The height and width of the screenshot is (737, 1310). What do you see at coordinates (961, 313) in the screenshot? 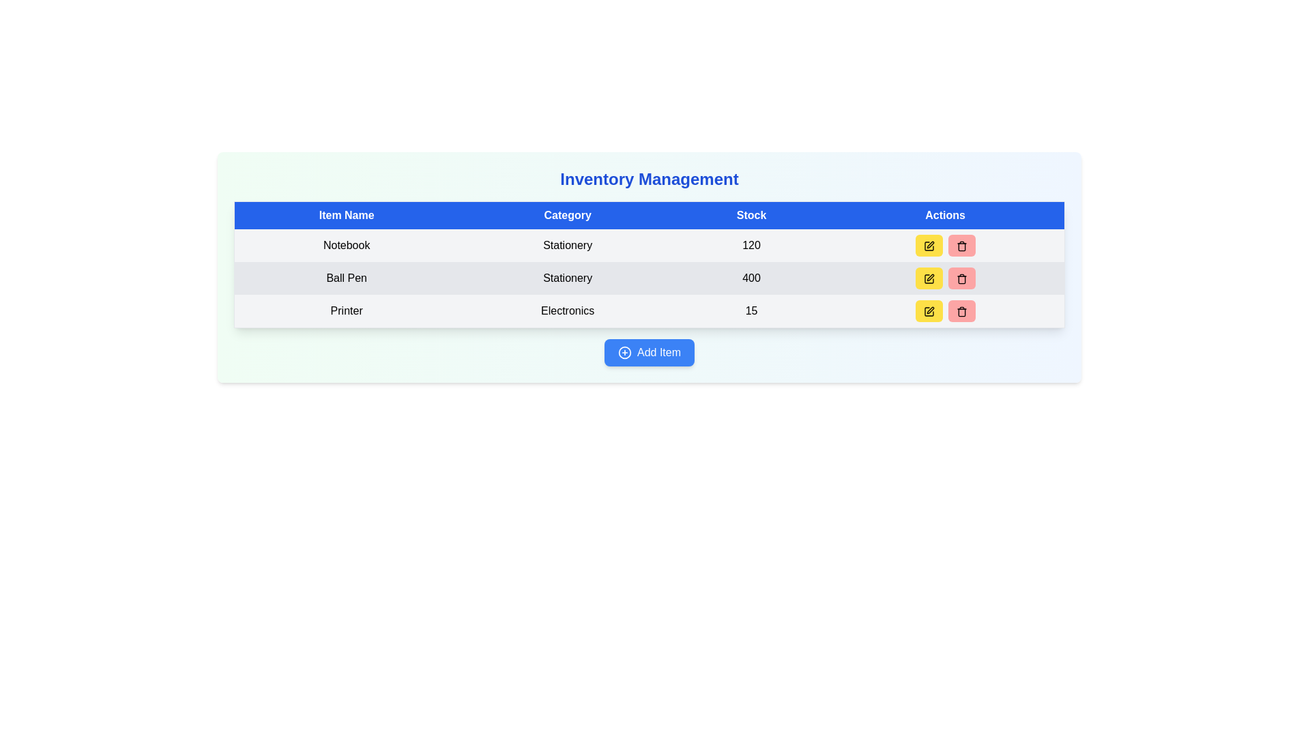
I see `the delete icon located in the last column of the table, which is used to remove the corresponding record or row` at bounding box center [961, 313].